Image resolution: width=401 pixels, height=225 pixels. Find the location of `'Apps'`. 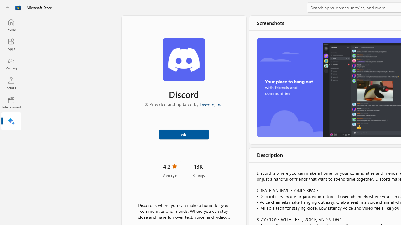

'Apps' is located at coordinates (11, 44).